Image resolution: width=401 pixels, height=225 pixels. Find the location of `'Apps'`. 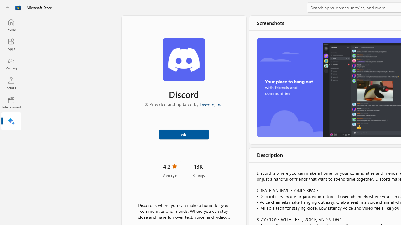

'Apps' is located at coordinates (11, 44).